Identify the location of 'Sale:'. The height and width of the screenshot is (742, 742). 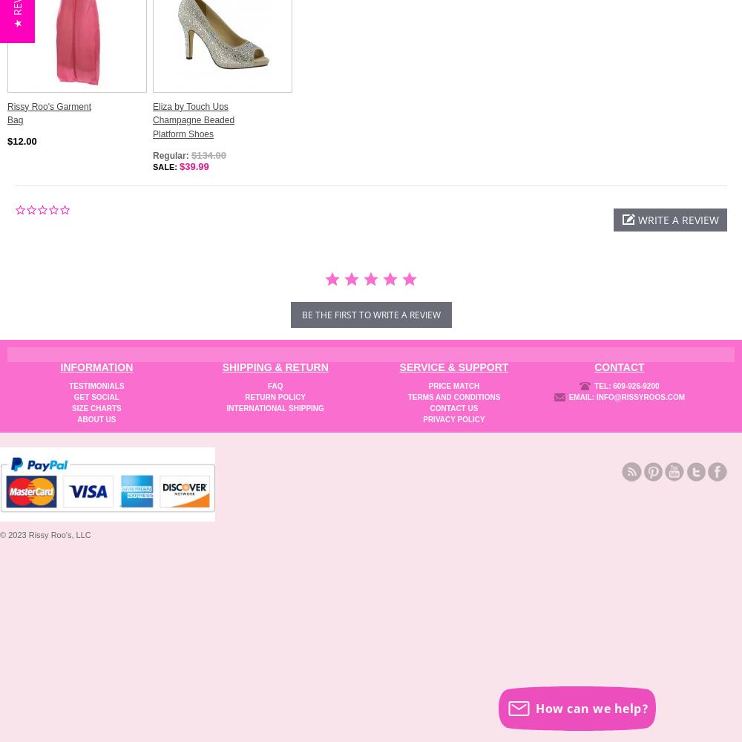
(165, 165).